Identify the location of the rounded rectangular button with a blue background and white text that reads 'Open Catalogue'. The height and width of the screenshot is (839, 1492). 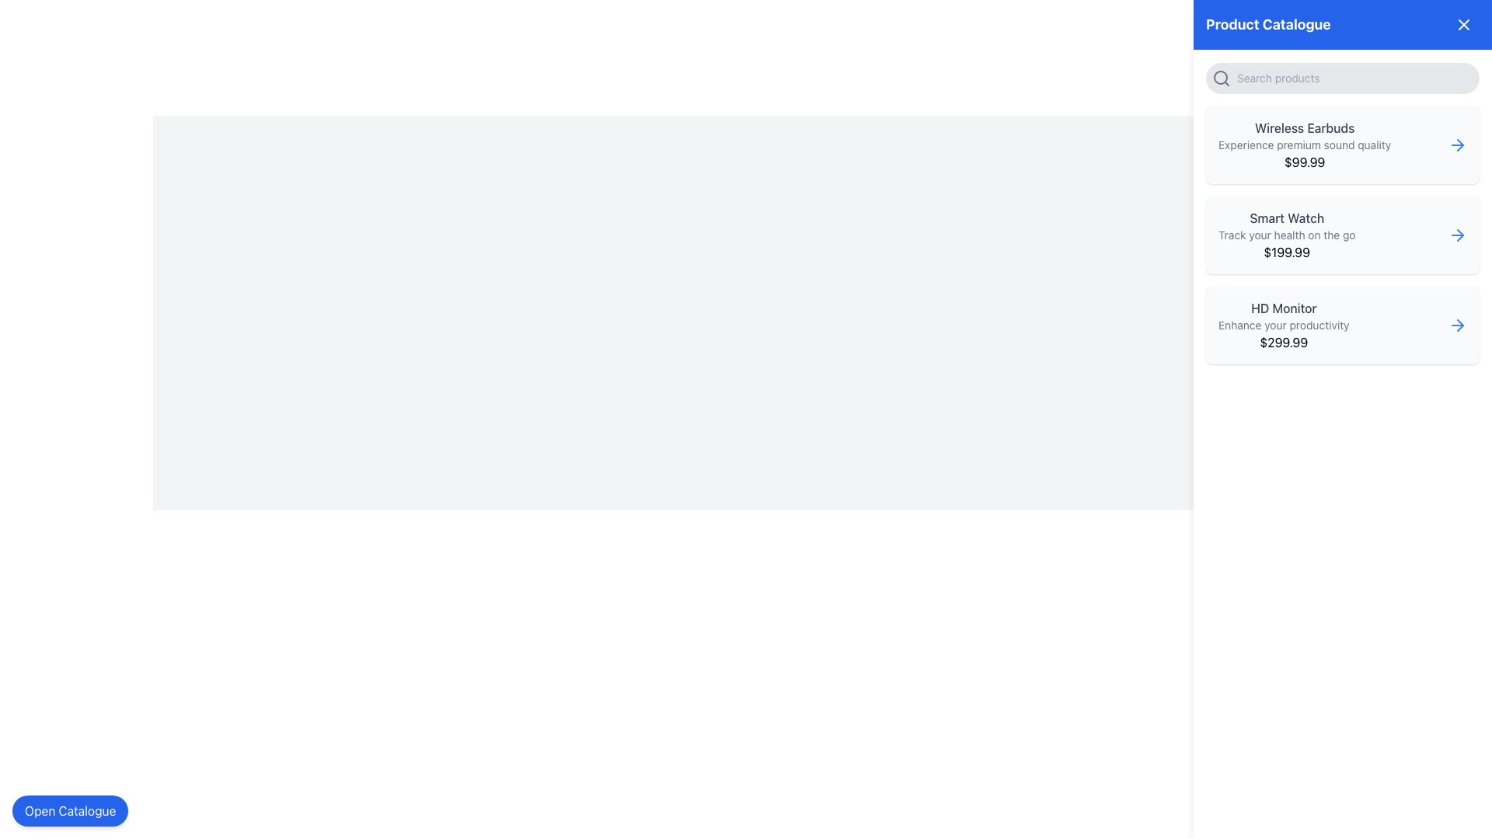
(69, 810).